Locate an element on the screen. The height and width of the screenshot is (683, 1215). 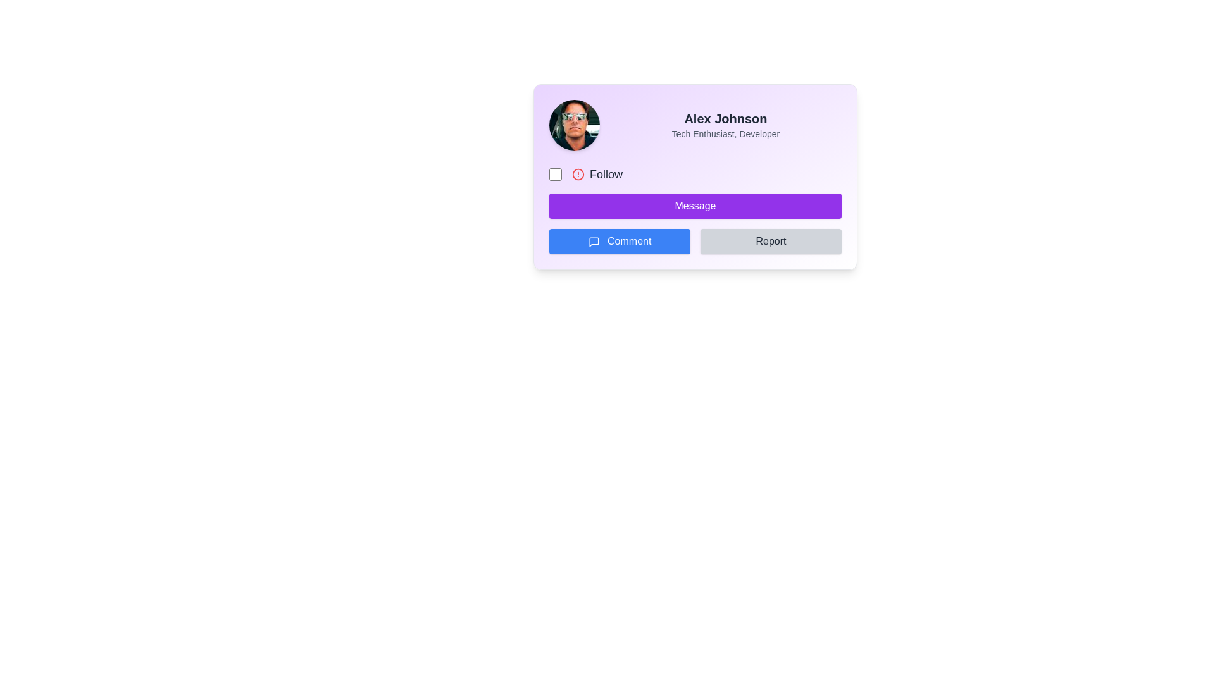
the rectangular purple button labeled 'Message' that is centrally located beneath the 'Follow' button and above the 'Comment' and 'Report' buttons to initiate messaging is located at coordinates (695, 206).